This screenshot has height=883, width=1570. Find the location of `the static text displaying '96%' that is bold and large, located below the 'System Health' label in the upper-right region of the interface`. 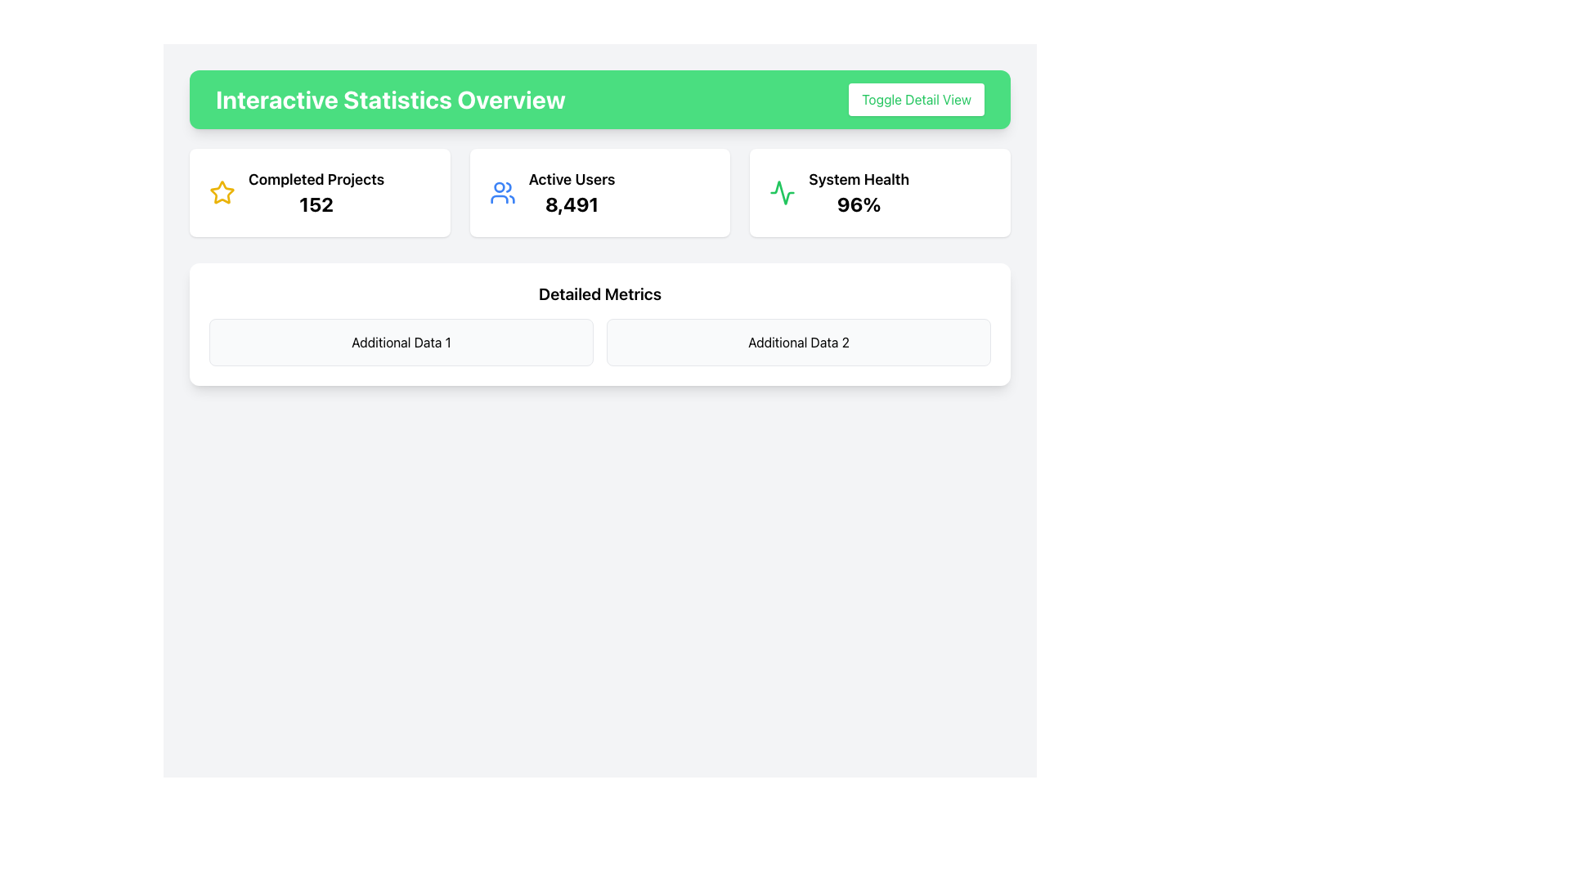

the static text displaying '96%' that is bold and large, located below the 'System Health' label in the upper-right region of the interface is located at coordinates (858, 204).